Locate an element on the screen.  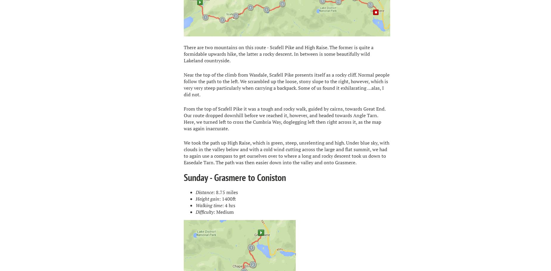
'There are two mountains on this route - Scafell Pike and High Raise.  The former is quite a formidable upwards hike, the latter a rocky descent.  In between is some beautifully wild Lakeland countryside.' is located at coordinates (278, 53).